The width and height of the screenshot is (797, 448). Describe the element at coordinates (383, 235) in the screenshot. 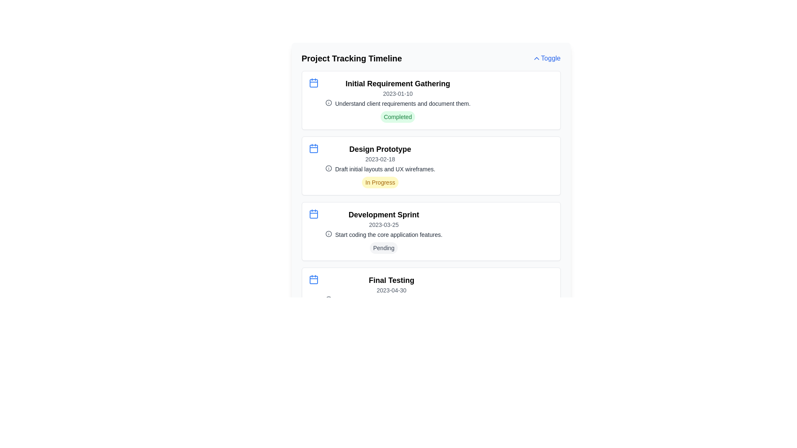

I see `the text element displaying 'Start coding the core application features.' which is styled in gray font and positioned in the third item of a vertical list within a project tracking interface` at that location.